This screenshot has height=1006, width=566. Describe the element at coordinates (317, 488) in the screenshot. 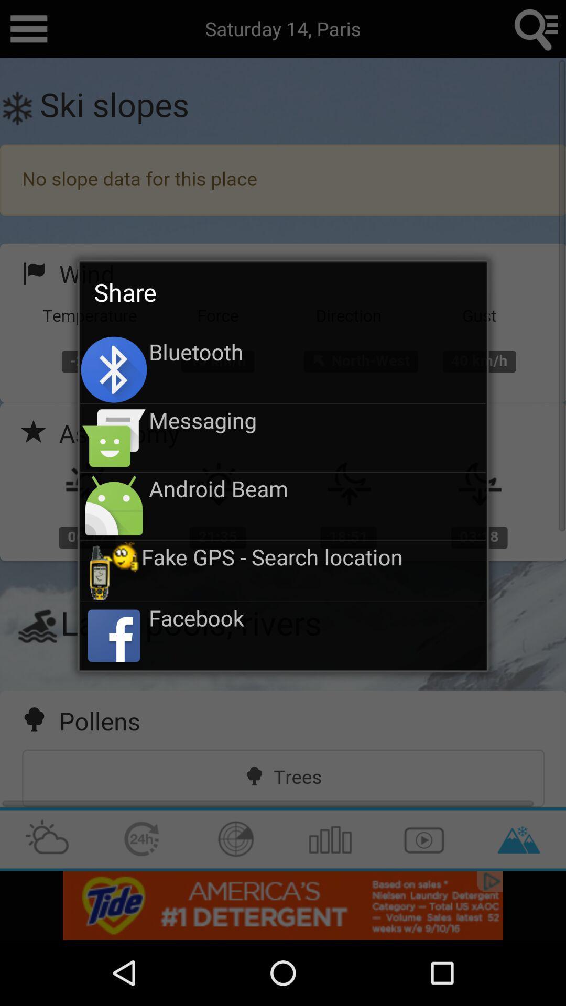

I see `icon above the fake gps search icon` at that location.